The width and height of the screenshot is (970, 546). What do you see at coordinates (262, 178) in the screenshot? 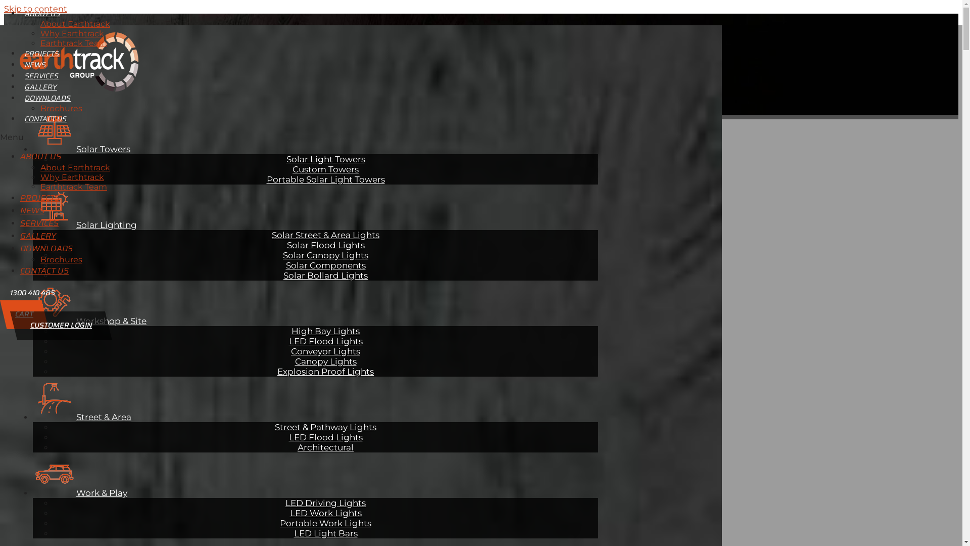
I see `'Portable Solar Light Towers'` at bounding box center [262, 178].